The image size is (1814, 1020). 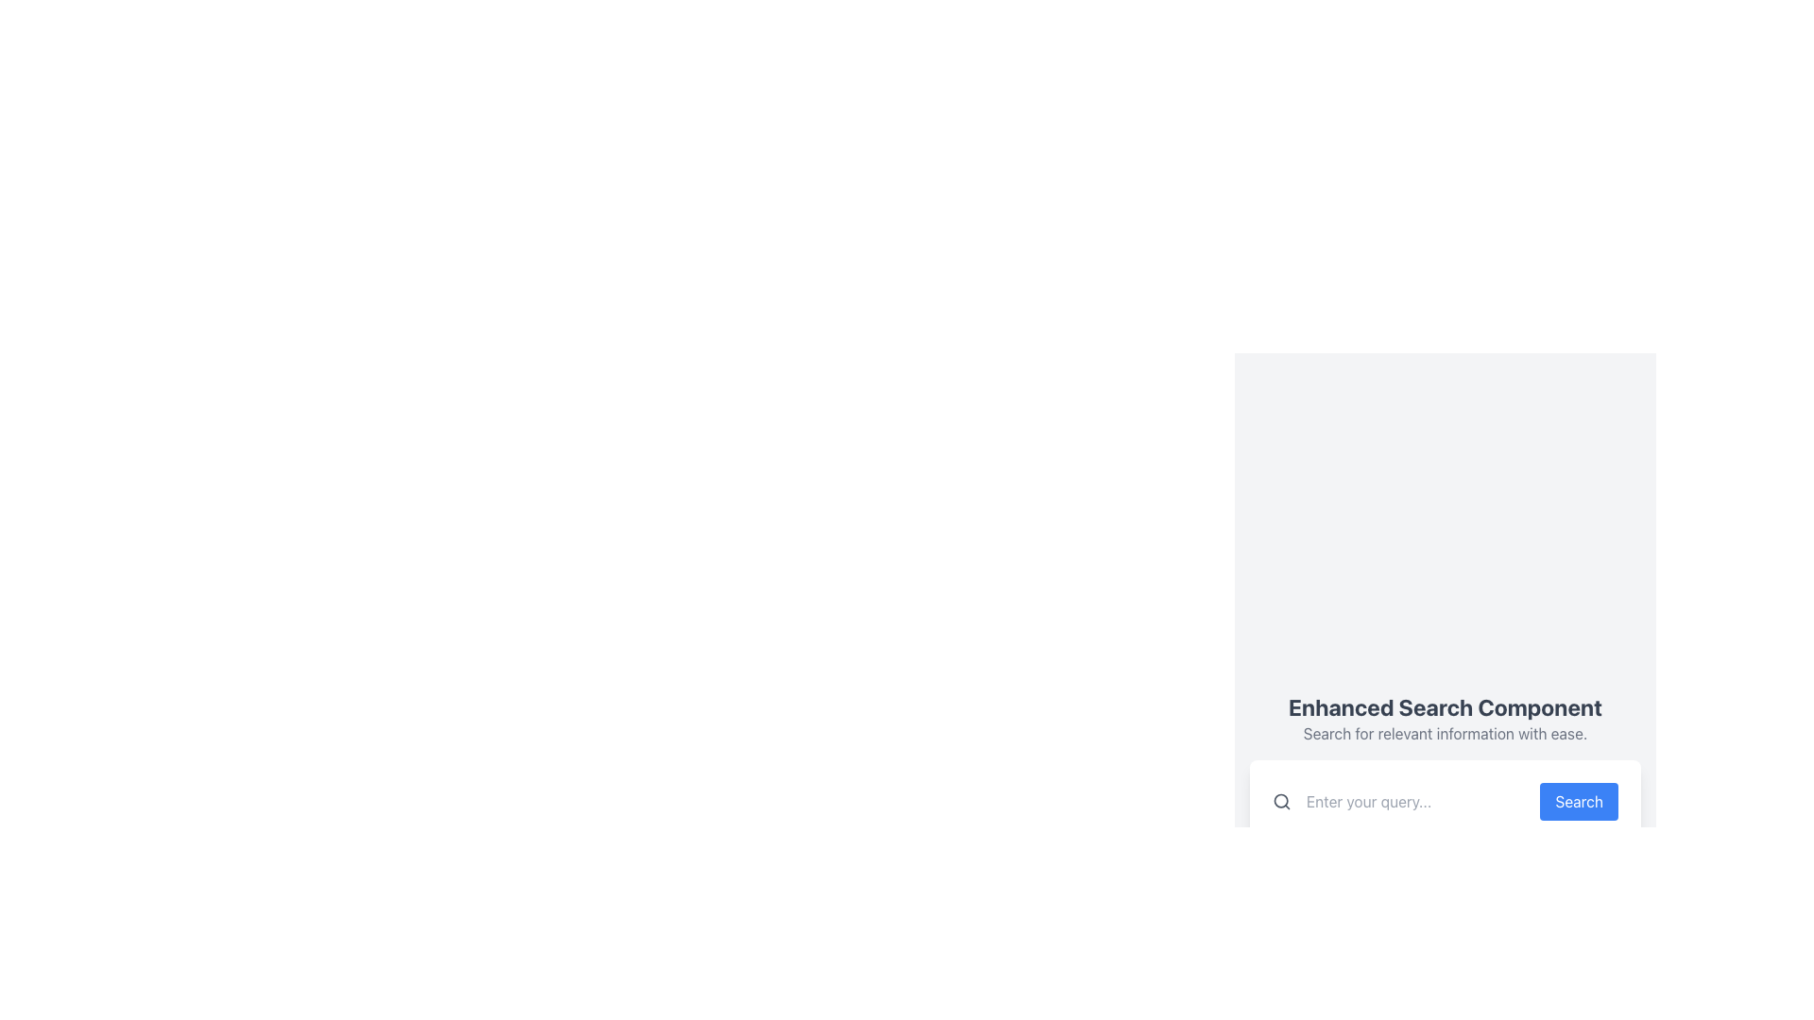 What do you see at coordinates (1445, 718) in the screenshot?
I see `the text block titled 'Enhanced Search Component' that contains a subtitle 'Search for relevant information with ease.'` at bounding box center [1445, 718].